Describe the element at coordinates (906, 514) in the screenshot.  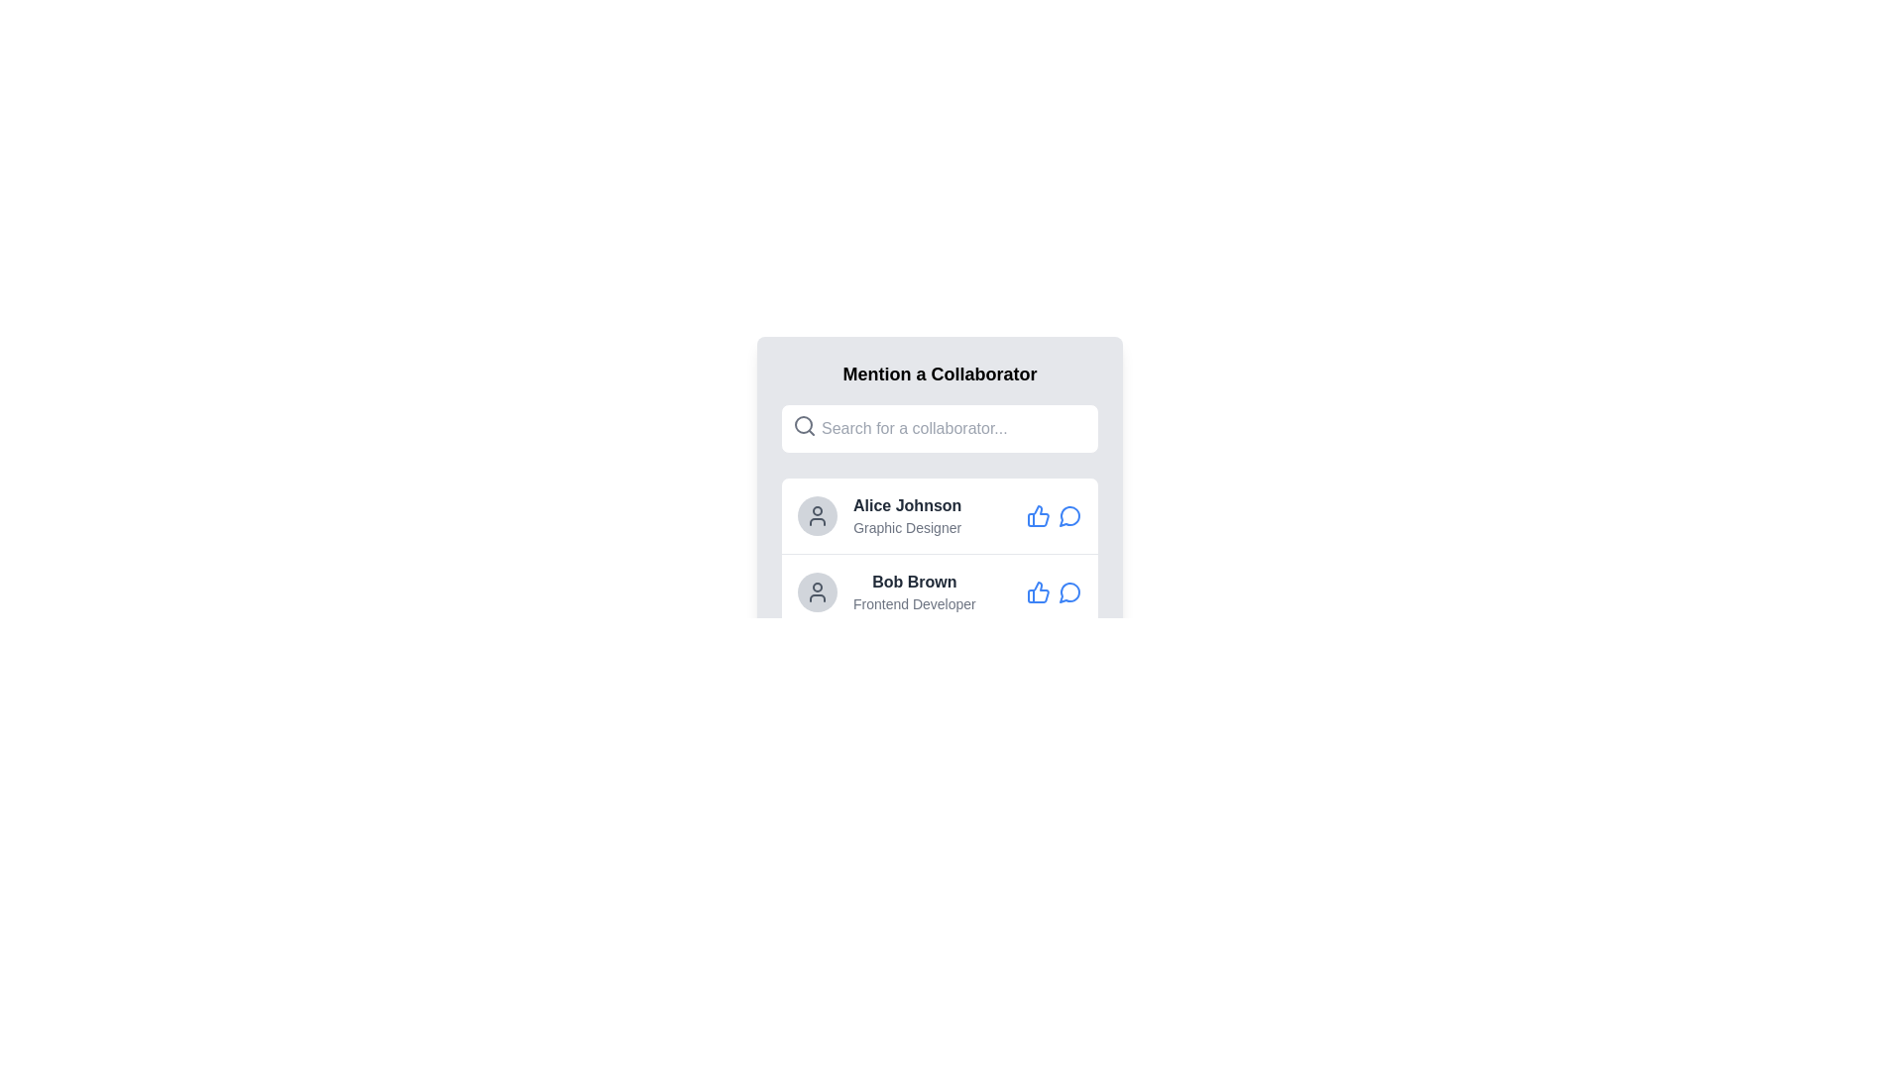
I see `the text-based informational display component showing 'Alice Johnson' and 'Graphic Designer' for information` at that location.